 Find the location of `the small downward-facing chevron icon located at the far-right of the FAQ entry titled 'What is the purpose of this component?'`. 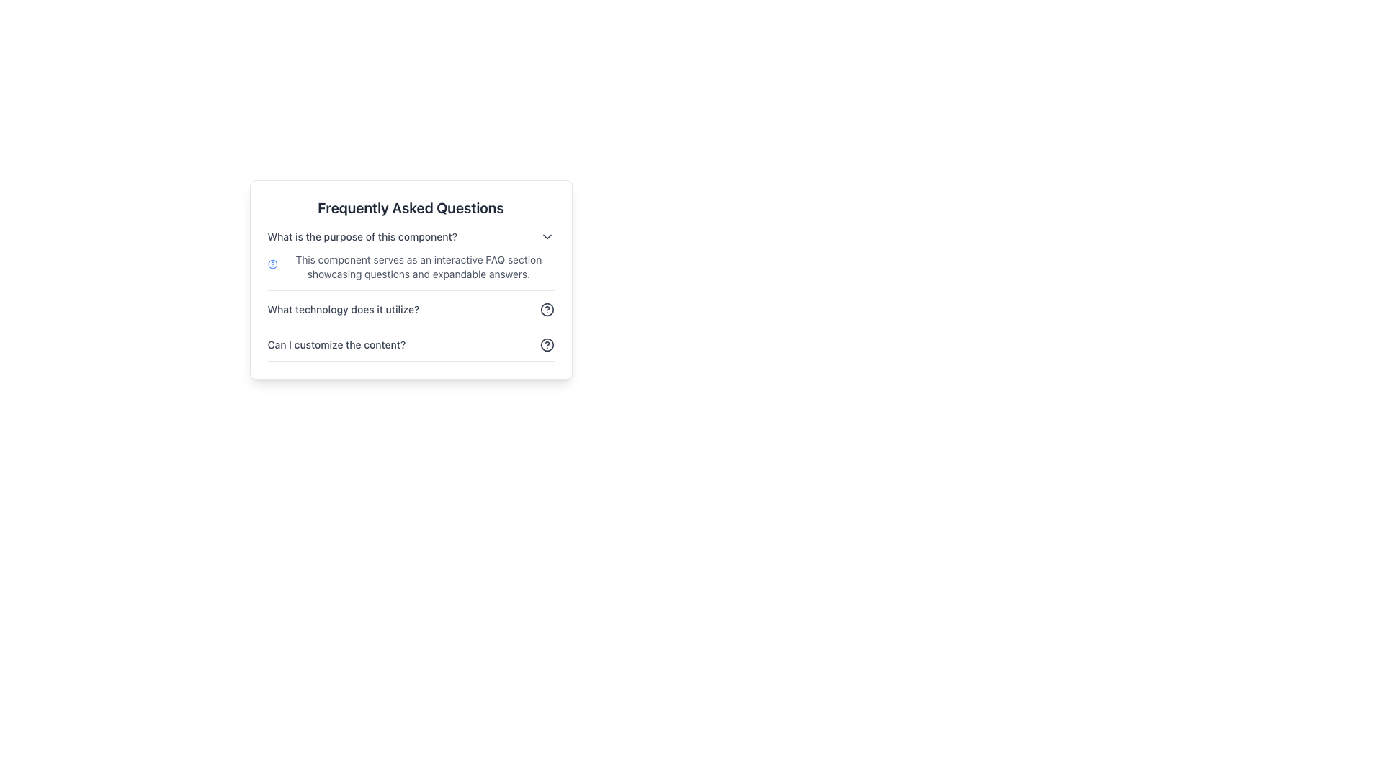

the small downward-facing chevron icon located at the far-right of the FAQ entry titled 'What is the purpose of this component?' is located at coordinates (546, 236).